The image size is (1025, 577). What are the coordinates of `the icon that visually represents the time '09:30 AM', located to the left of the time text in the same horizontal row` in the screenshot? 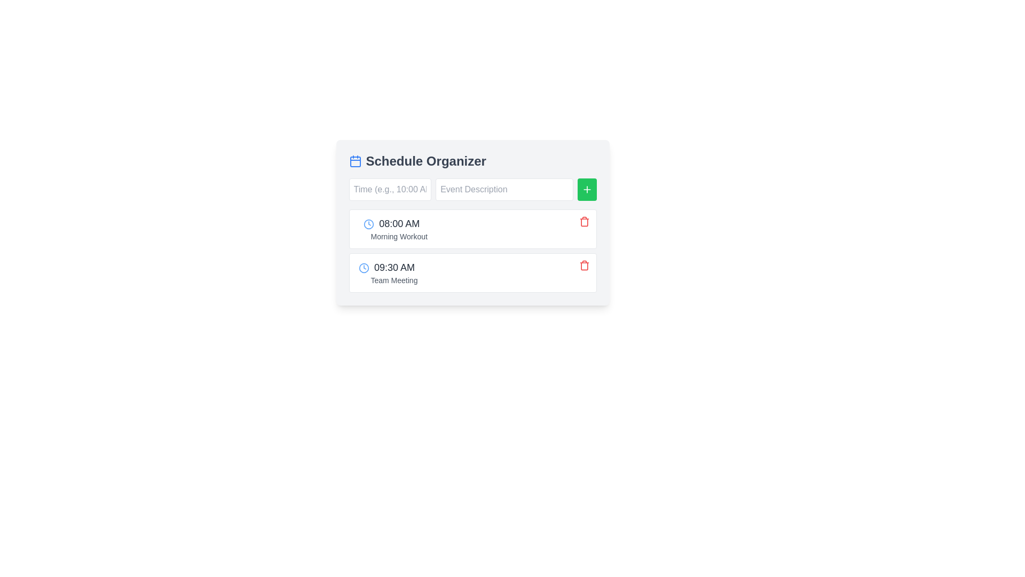 It's located at (364, 268).